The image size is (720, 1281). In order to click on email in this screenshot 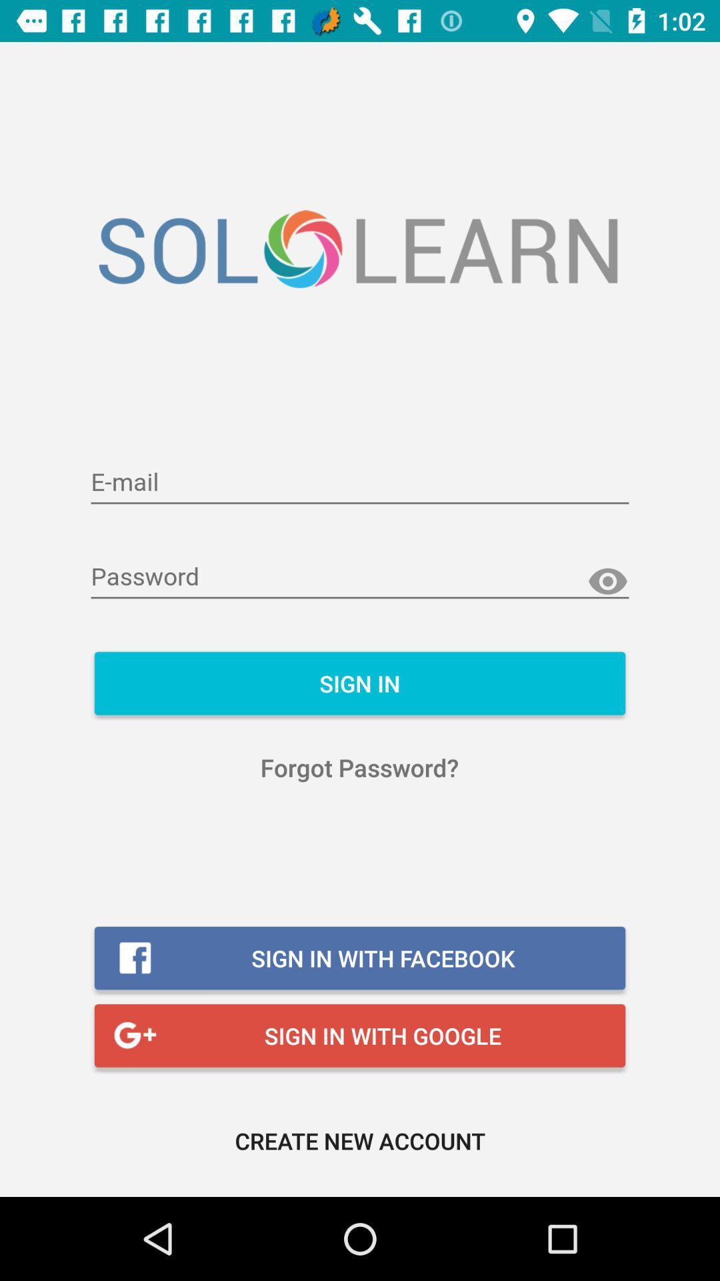, I will do `click(360, 482)`.